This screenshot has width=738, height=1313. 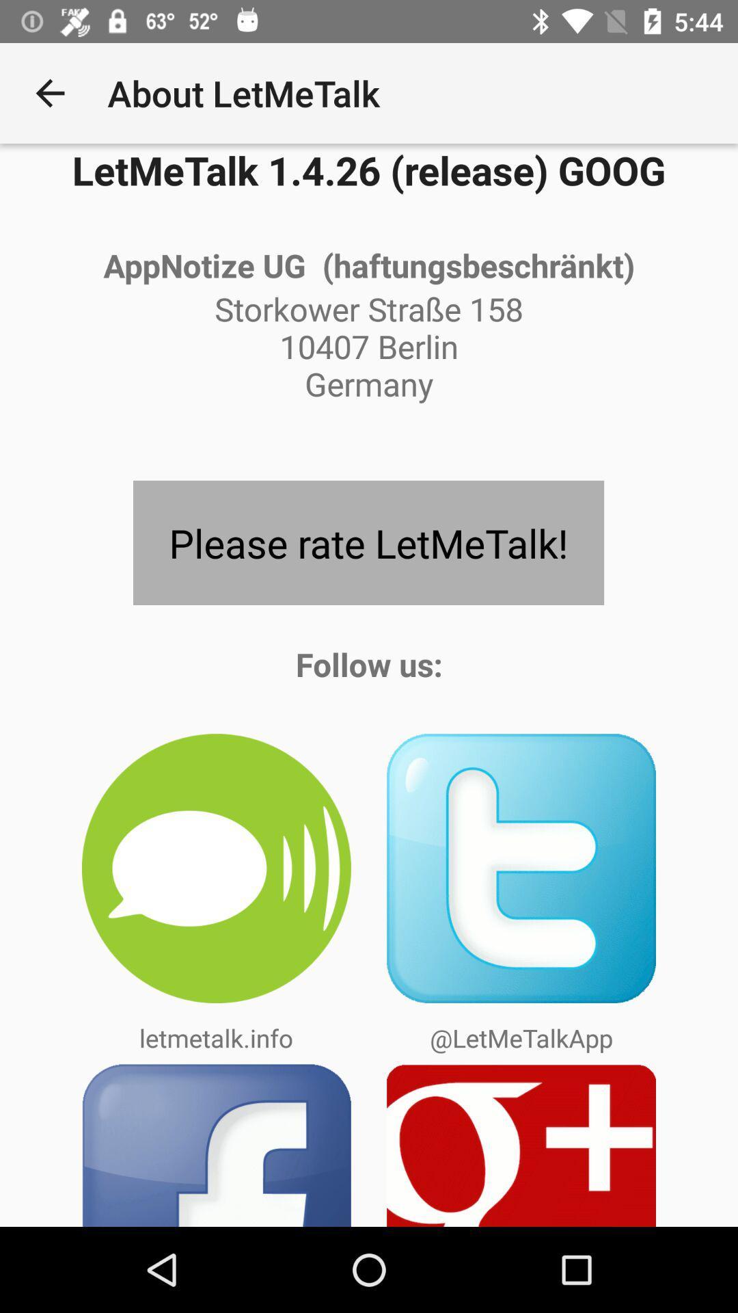 I want to click on app to the left of the about letmetalk icon, so click(x=49, y=92).